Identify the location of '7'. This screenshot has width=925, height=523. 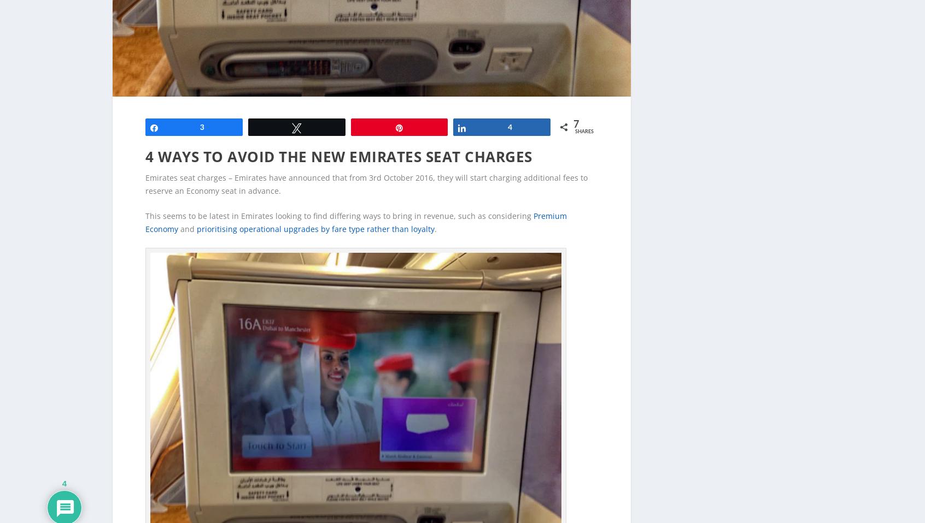
(575, 106).